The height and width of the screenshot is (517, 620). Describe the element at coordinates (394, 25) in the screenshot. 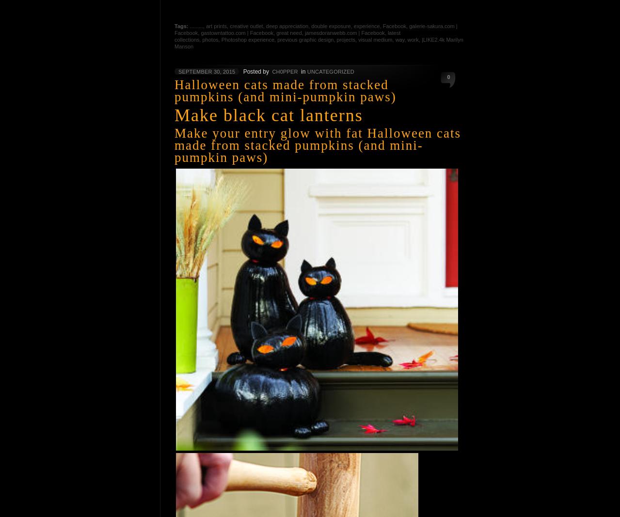

I see `'Facebook'` at that location.